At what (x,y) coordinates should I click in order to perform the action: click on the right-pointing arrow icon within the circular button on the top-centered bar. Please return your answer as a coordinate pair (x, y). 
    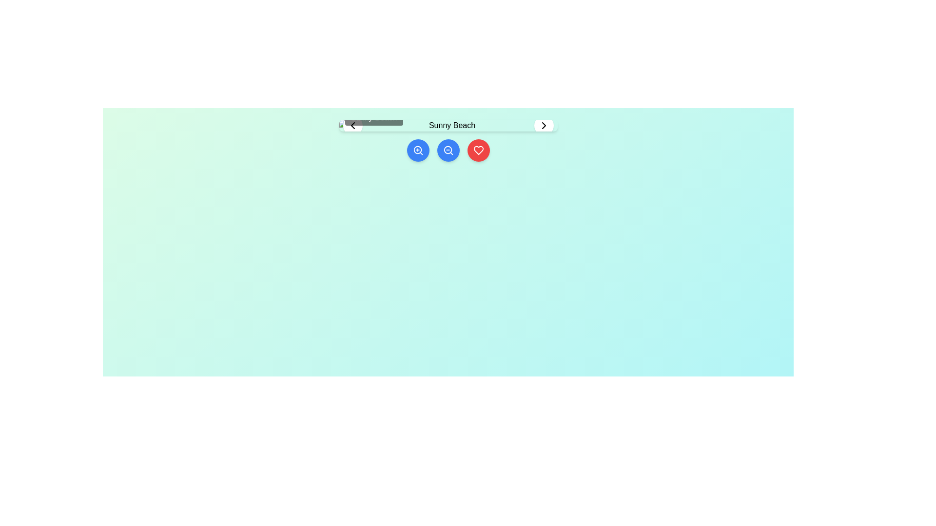
    Looking at the image, I should click on (543, 125).